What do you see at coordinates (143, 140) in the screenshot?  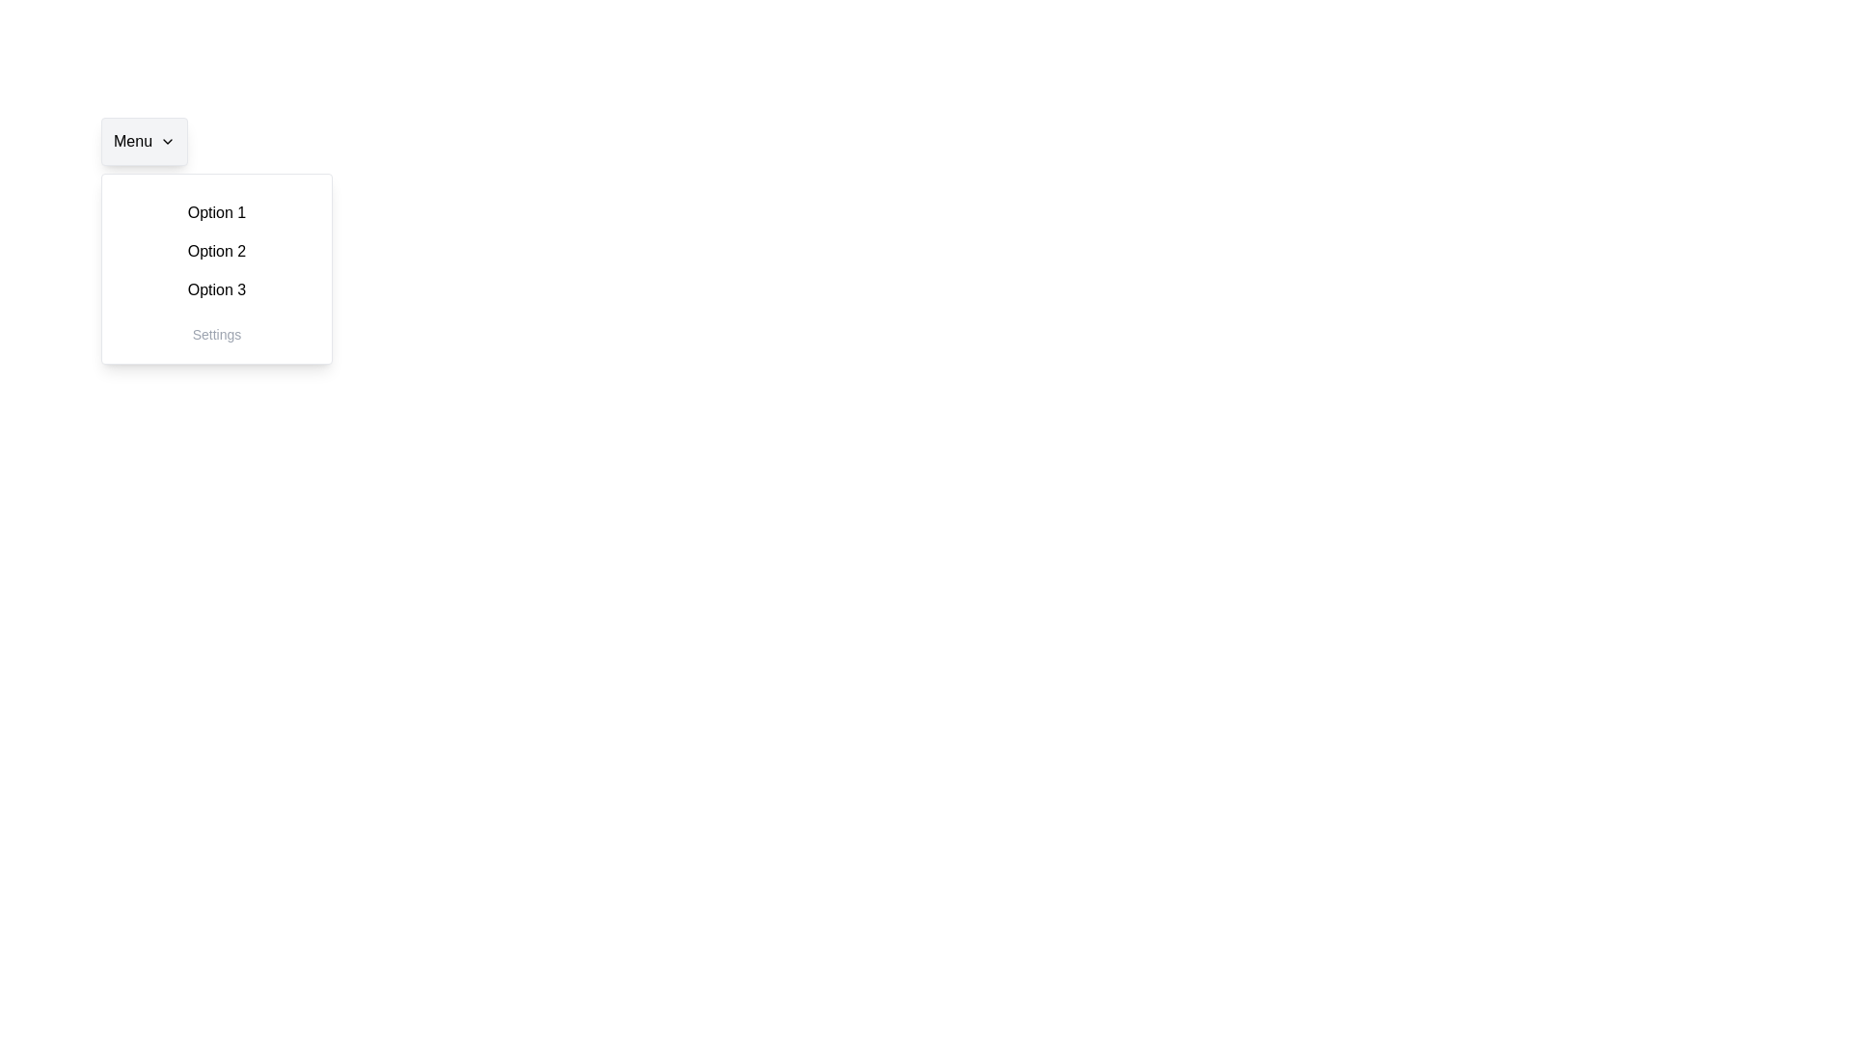 I see `the 'Menu' button, which is a rectangular button with soft rounded corners and a downward chevron, located in the top-left section of the layout` at bounding box center [143, 140].